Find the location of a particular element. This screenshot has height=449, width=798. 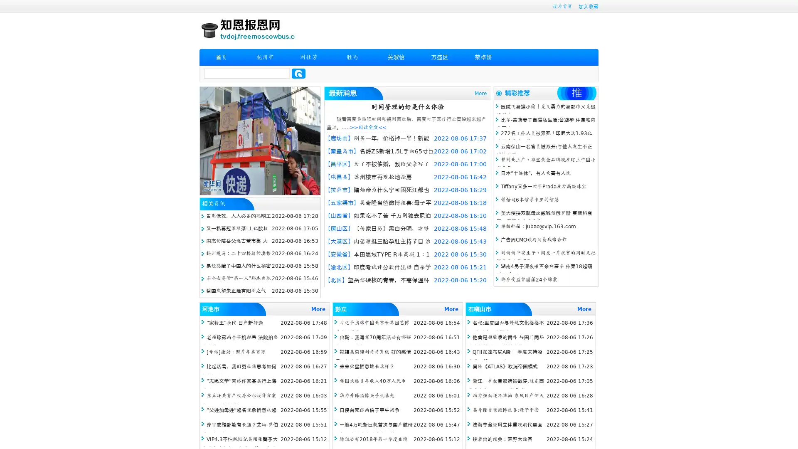

Search is located at coordinates (298, 73).